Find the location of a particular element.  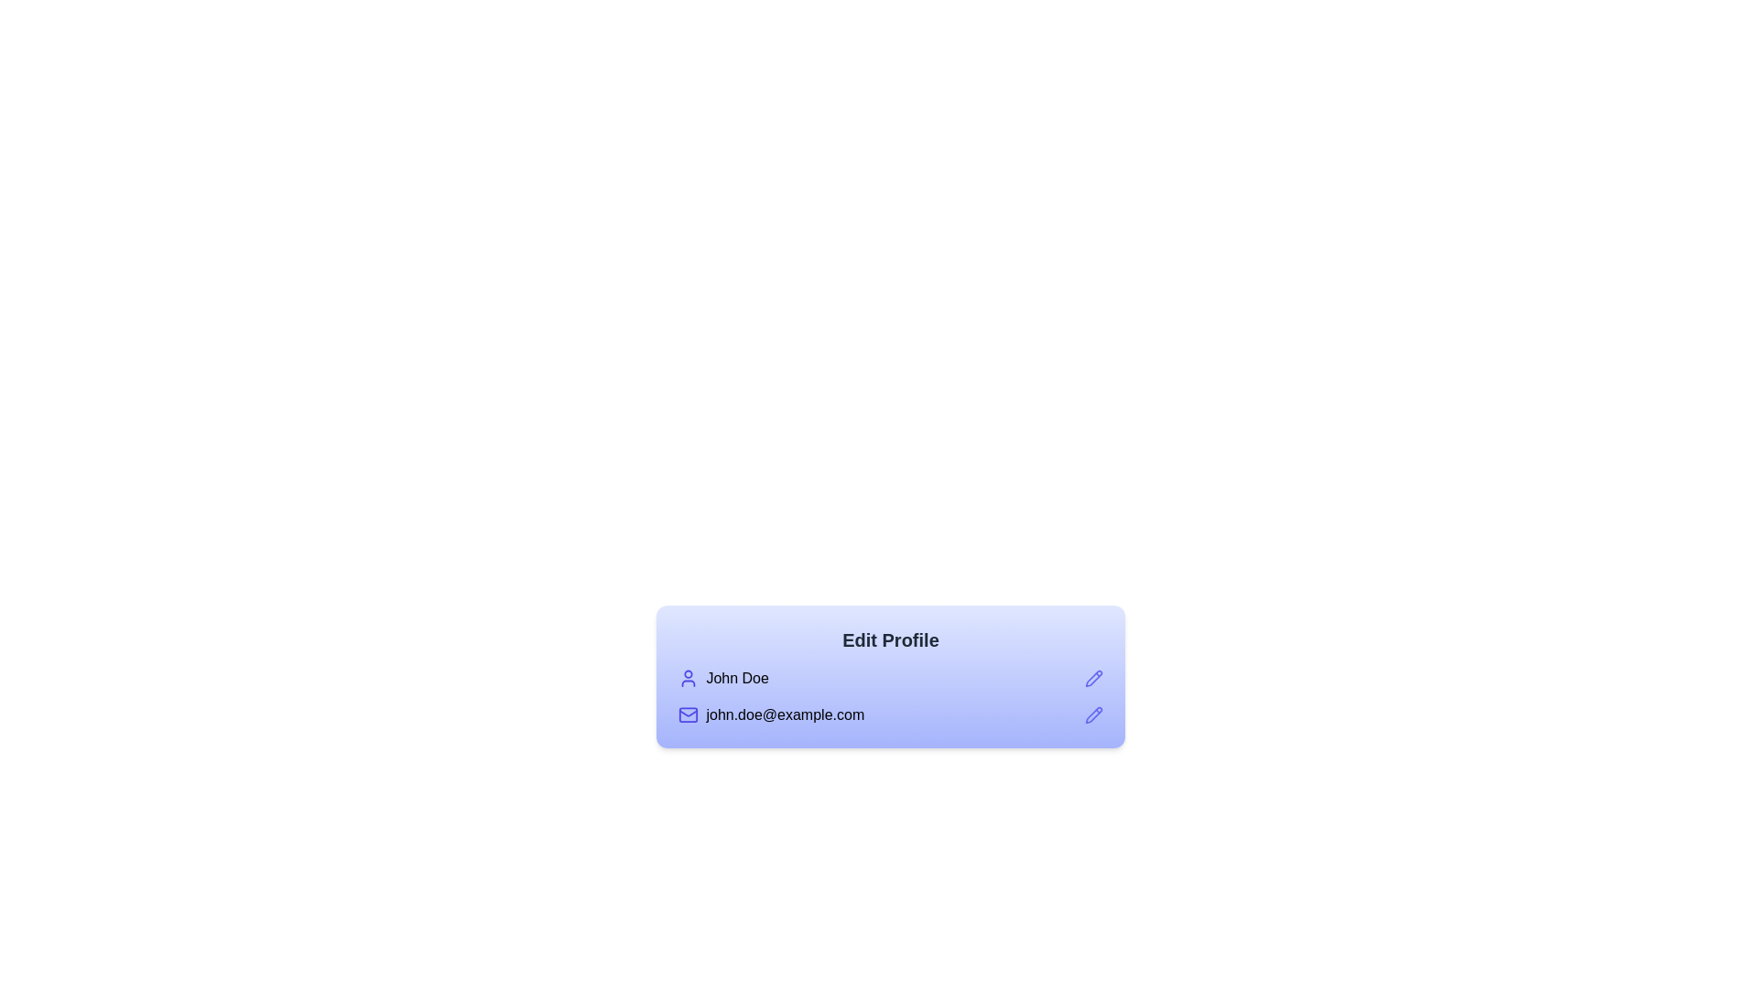

the user profile icon located to the left of the text 'John Doe', which signifies user-specific actions or identity is located at coordinates (688, 678).